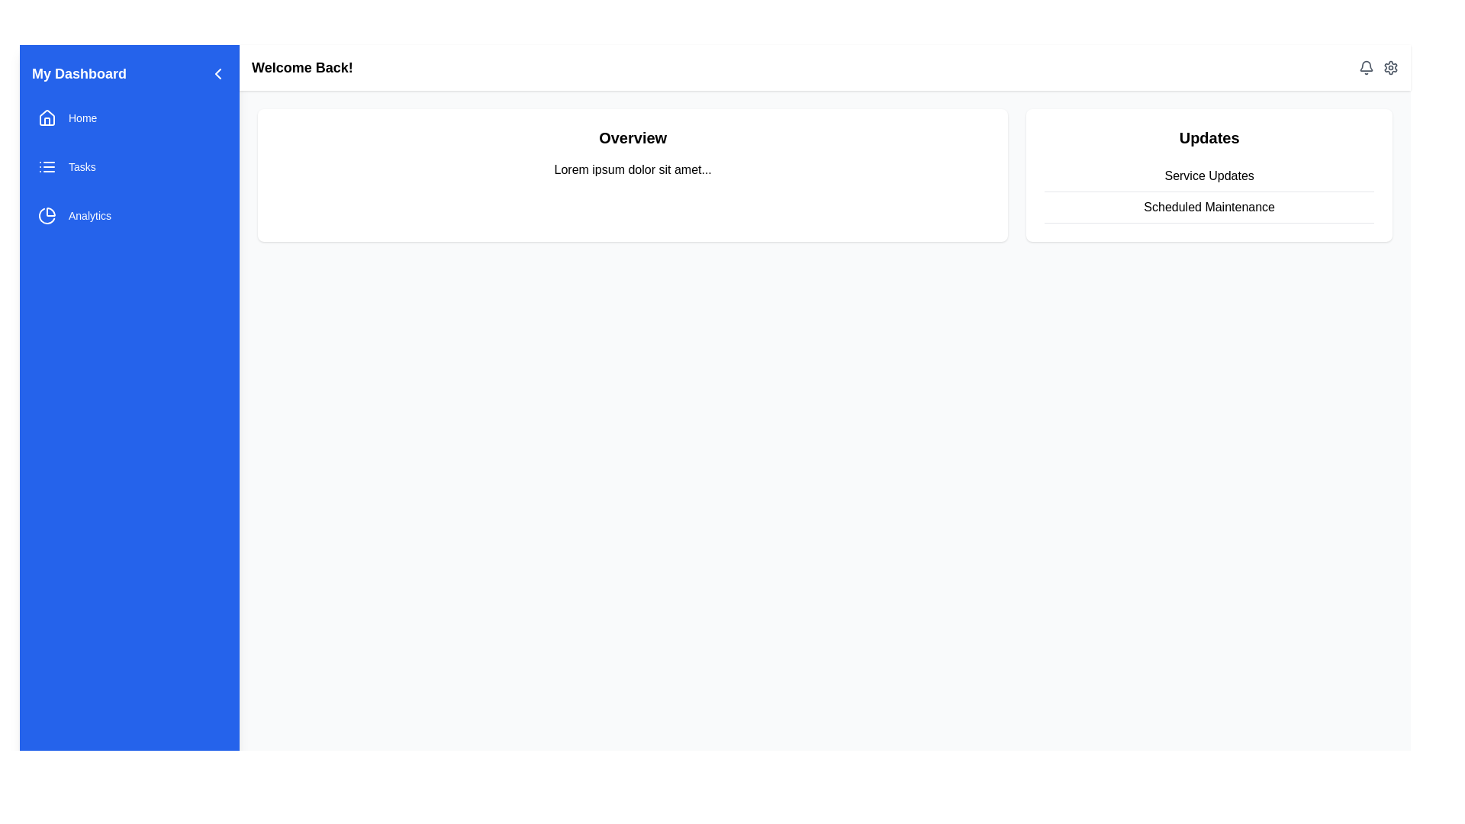 The image size is (1465, 824). Describe the element at coordinates (47, 117) in the screenshot. I see `the small house-shaped icon located on the left-hand menu bar, above the 'Tasks' and 'Analytics' entries, which is part of the 'Home' menu item` at that location.